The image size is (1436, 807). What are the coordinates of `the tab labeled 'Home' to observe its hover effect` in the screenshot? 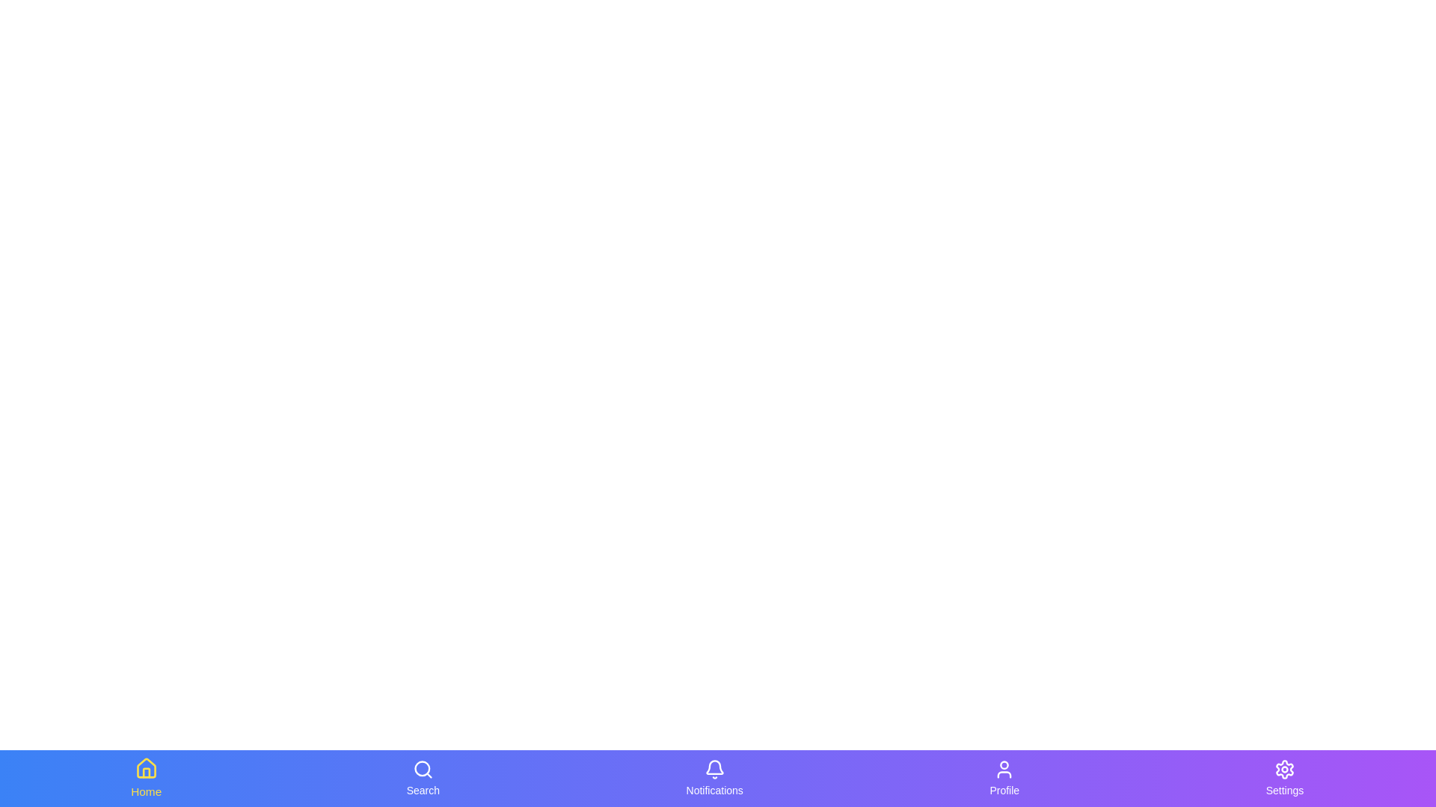 It's located at (146, 777).